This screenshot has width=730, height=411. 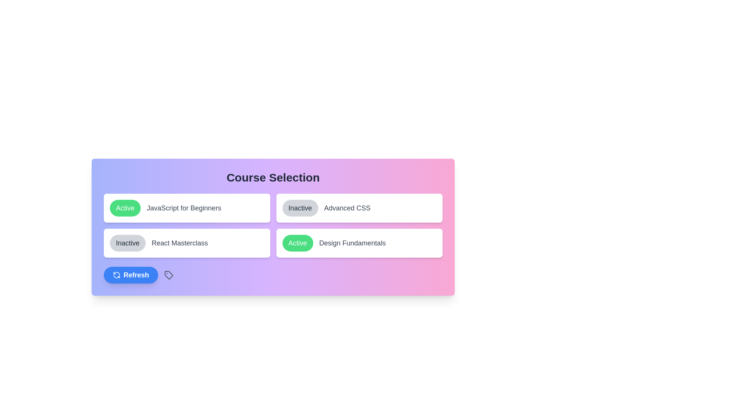 I want to click on the 'Inactive' button with rounded corners and a gray background located under the 'Course Selection' heading to change its status, so click(x=300, y=208).